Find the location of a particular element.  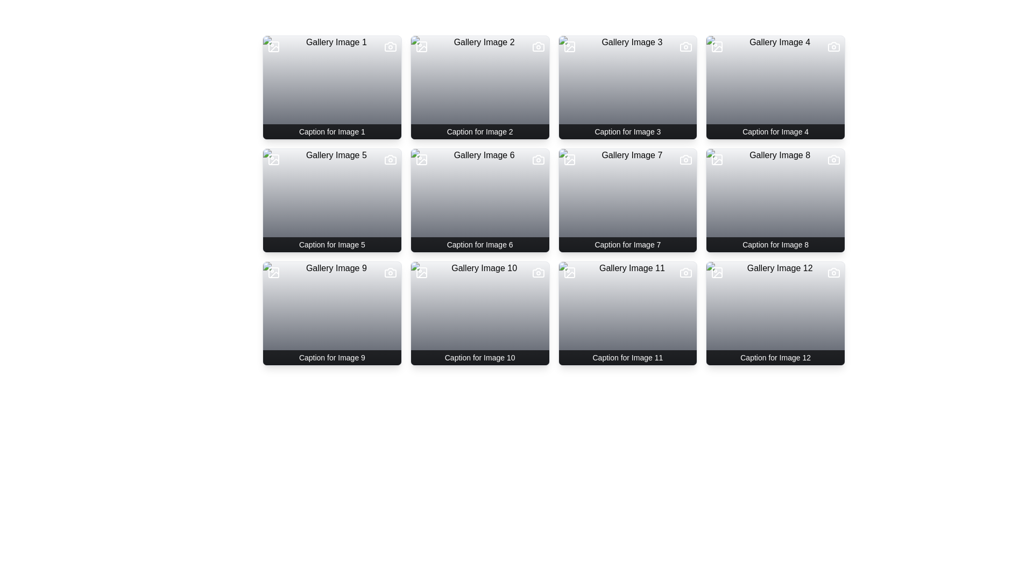

the decorative graphic located at the top-left corner of the icon representing the 'Gallery Image 1' is located at coordinates (273, 46).